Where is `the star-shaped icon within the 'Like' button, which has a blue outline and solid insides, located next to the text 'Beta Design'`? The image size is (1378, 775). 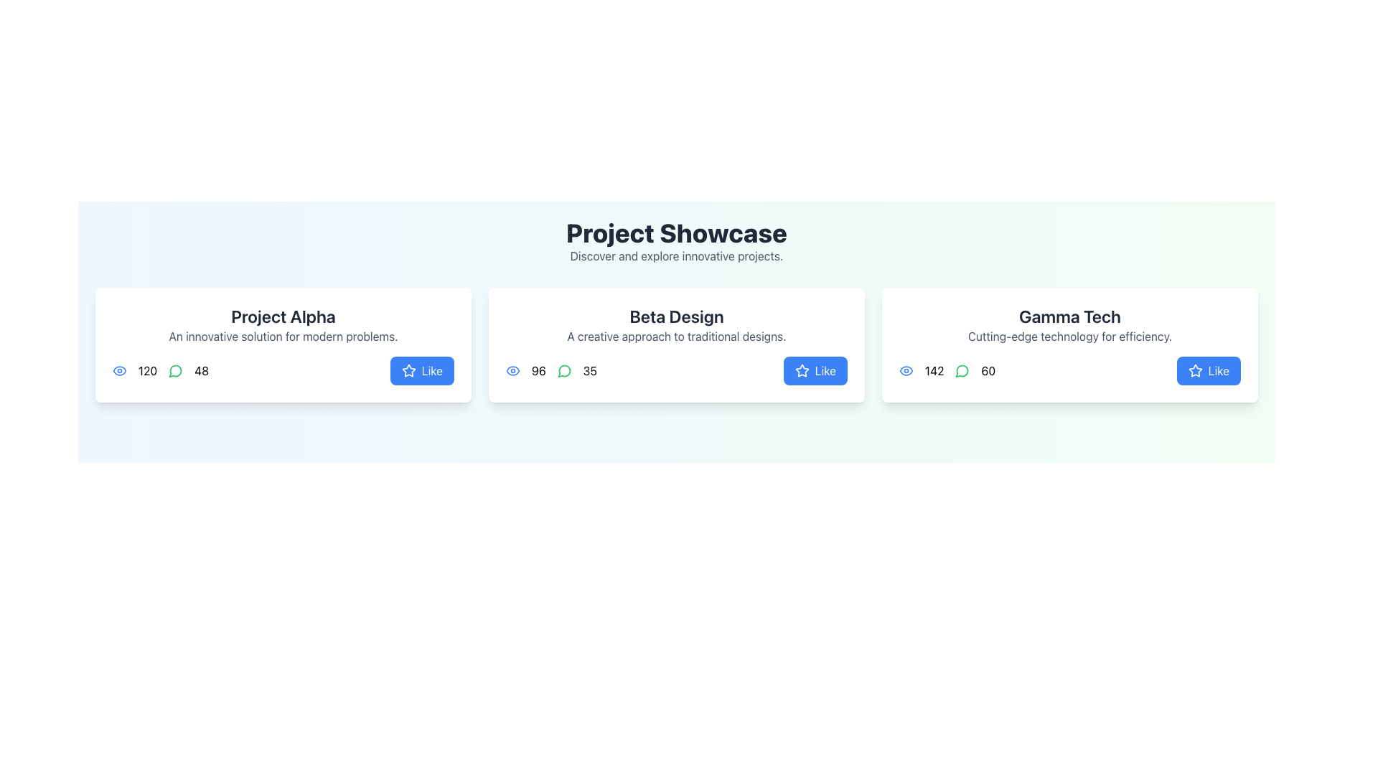 the star-shaped icon within the 'Like' button, which has a blue outline and solid insides, located next to the text 'Beta Design' is located at coordinates (801, 370).